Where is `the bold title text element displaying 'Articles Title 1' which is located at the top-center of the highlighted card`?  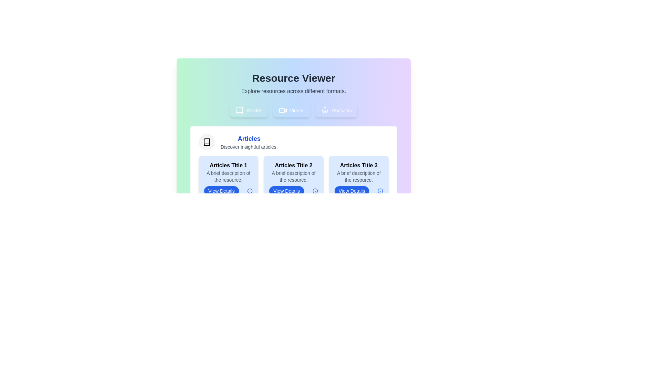 the bold title text element displaying 'Articles Title 1' which is located at the top-center of the highlighted card is located at coordinates (228, 166).